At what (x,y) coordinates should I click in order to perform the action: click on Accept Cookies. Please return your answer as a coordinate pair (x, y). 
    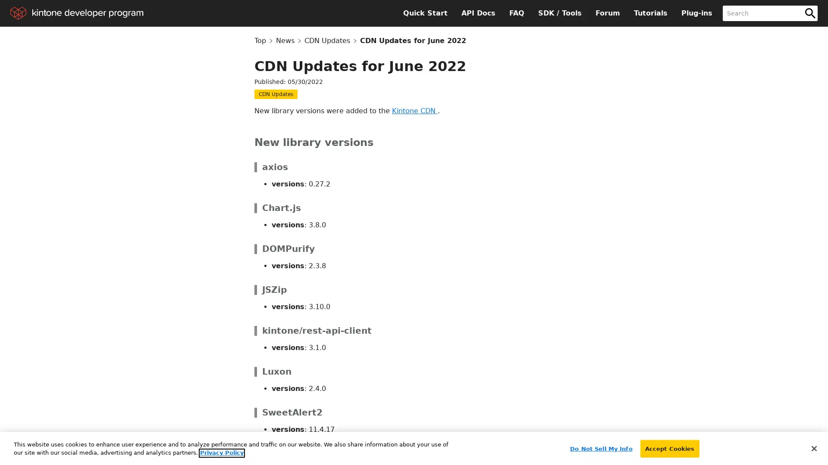
    Looking at the image, I should click on (669, 446).